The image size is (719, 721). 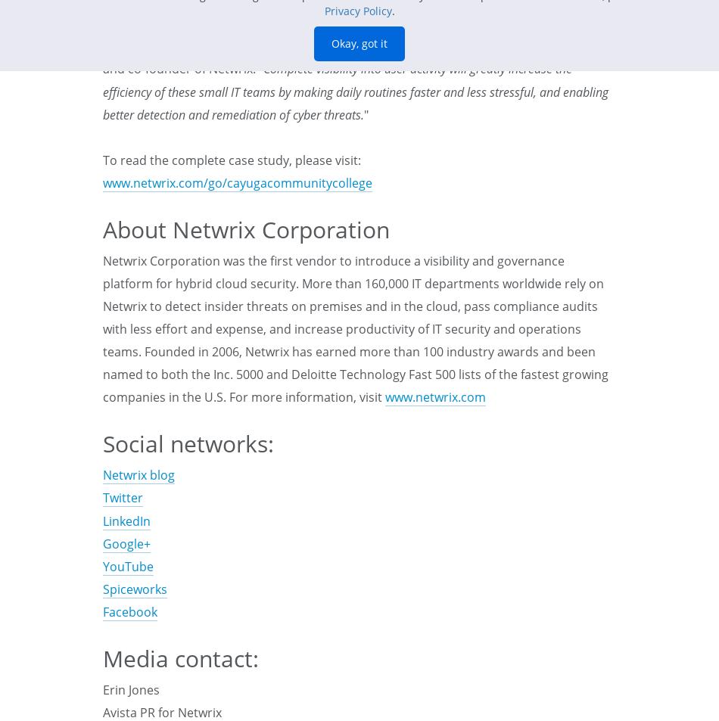 I want to click on 'To read the complete case study, please visit:', so click(x=231, y=158).